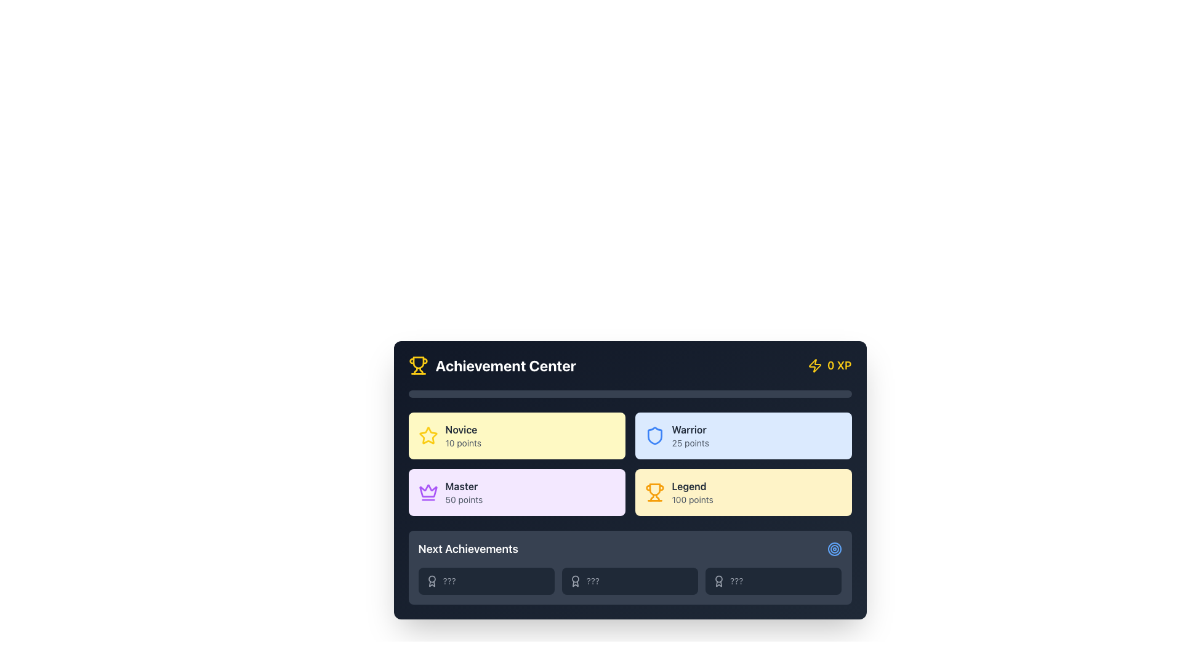 The height and width of the screenshot is (665, 1182). I want to click on the central main cup section of the trophy icon, which is part of the Achievement Center header and features a yellow fill within a black outline, so click(418, 362).